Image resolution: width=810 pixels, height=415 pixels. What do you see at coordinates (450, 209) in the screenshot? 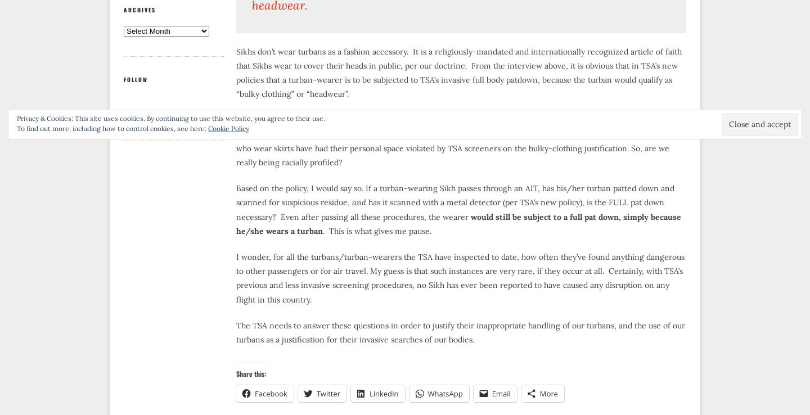
I see `'has it scanned with a metal detector (per TSA’s new policy), is the FULL pat down necessary?  Even after passing all these procedures, the wearer'` at bounding box center [450, 209].